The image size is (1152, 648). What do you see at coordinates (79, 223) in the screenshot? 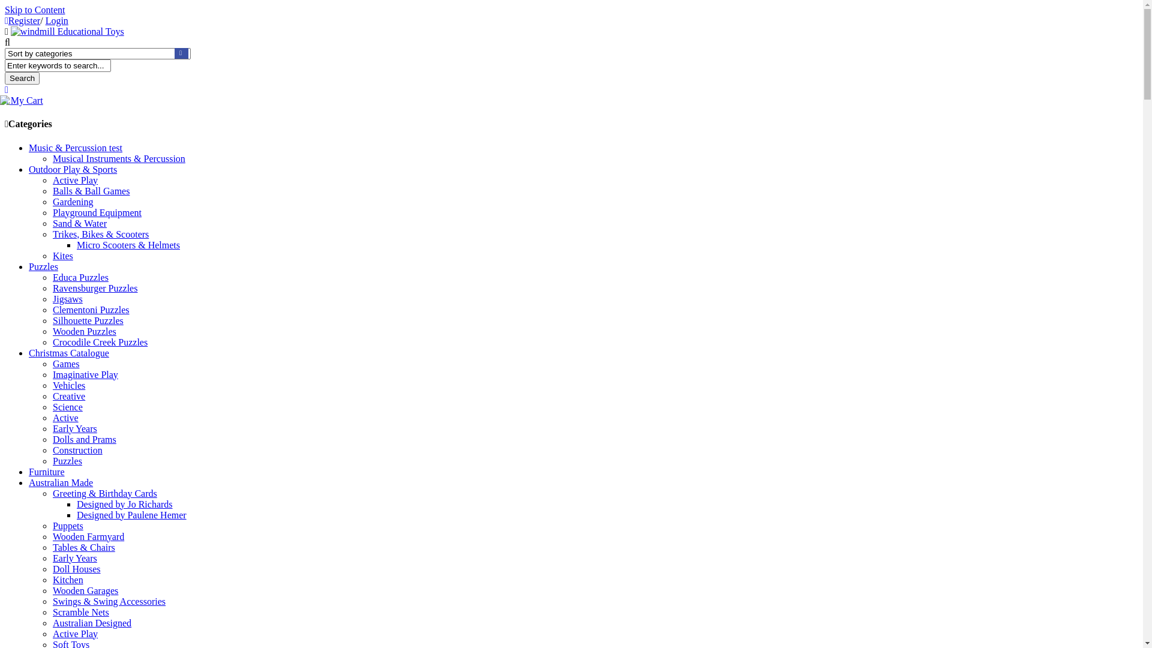
I see `'Sand & Water'` at bounding box center [79, 223].